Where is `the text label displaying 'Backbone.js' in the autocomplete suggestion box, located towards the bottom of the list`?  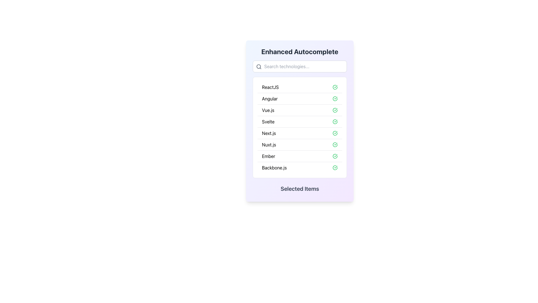
the text label displaying 'Backbone.js' in the autocomplete suggestion box, located towards the bottom of the list is located at coordinates (274, 167).